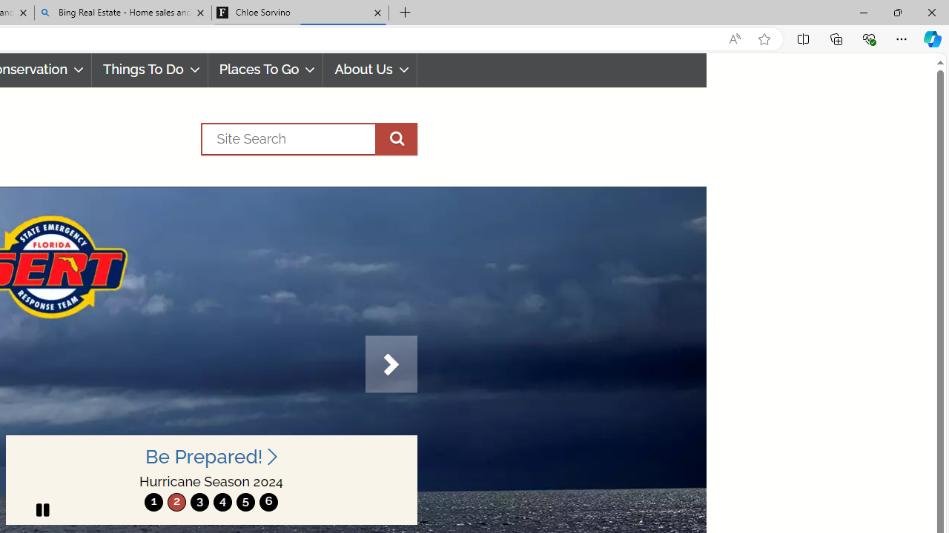 The height and width of the screenshot is (533, 949). I want to click on 'move to slide 3', so click(199, 501).